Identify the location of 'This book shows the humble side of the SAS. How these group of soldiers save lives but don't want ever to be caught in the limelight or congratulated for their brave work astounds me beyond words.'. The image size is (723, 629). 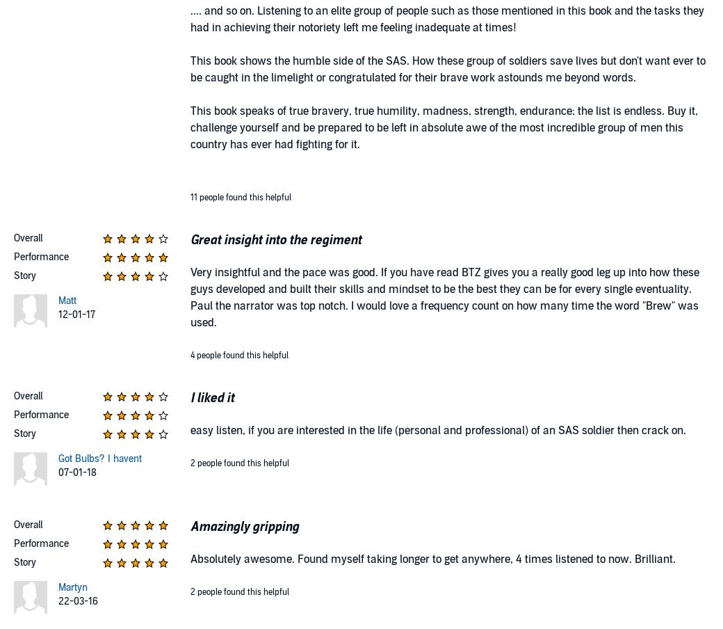
(447, 69).